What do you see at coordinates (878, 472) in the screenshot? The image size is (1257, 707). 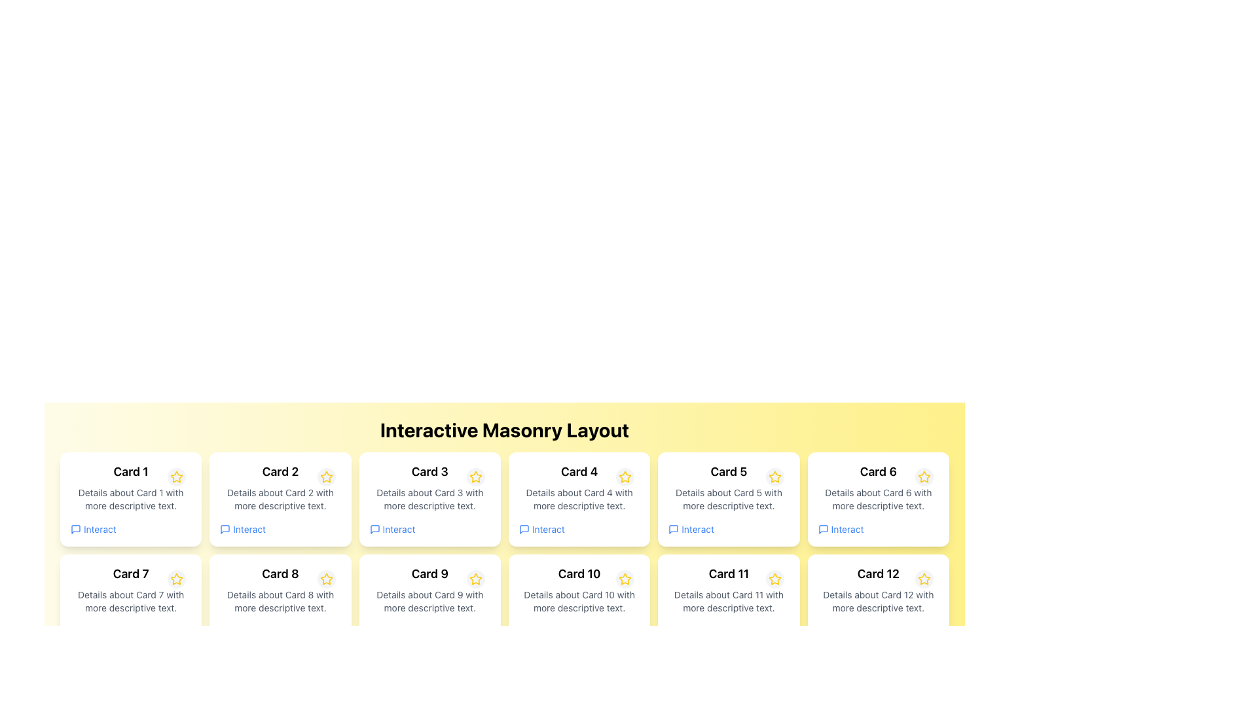 I see `the prominently displayed text 'Card 6' located at the upper part of the sixth card in a masonry layout` at bounding box center [878, 472].